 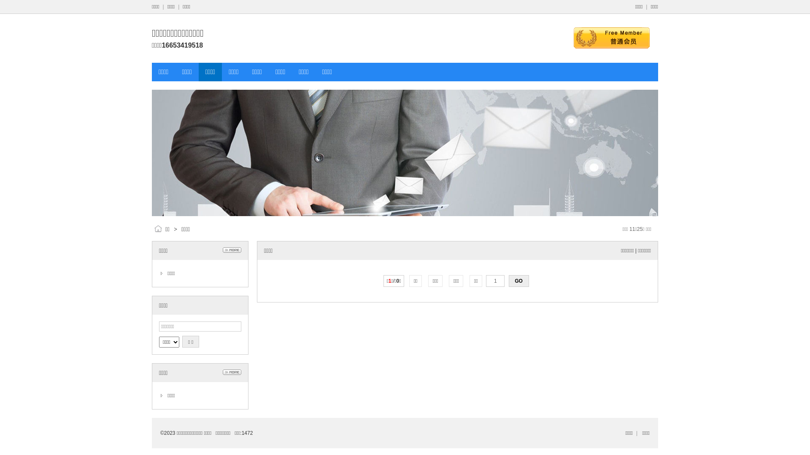 What do you see at coordinates (518, 281) in the screenshot?
I see `'GO'` at bounding box center [518, 281].